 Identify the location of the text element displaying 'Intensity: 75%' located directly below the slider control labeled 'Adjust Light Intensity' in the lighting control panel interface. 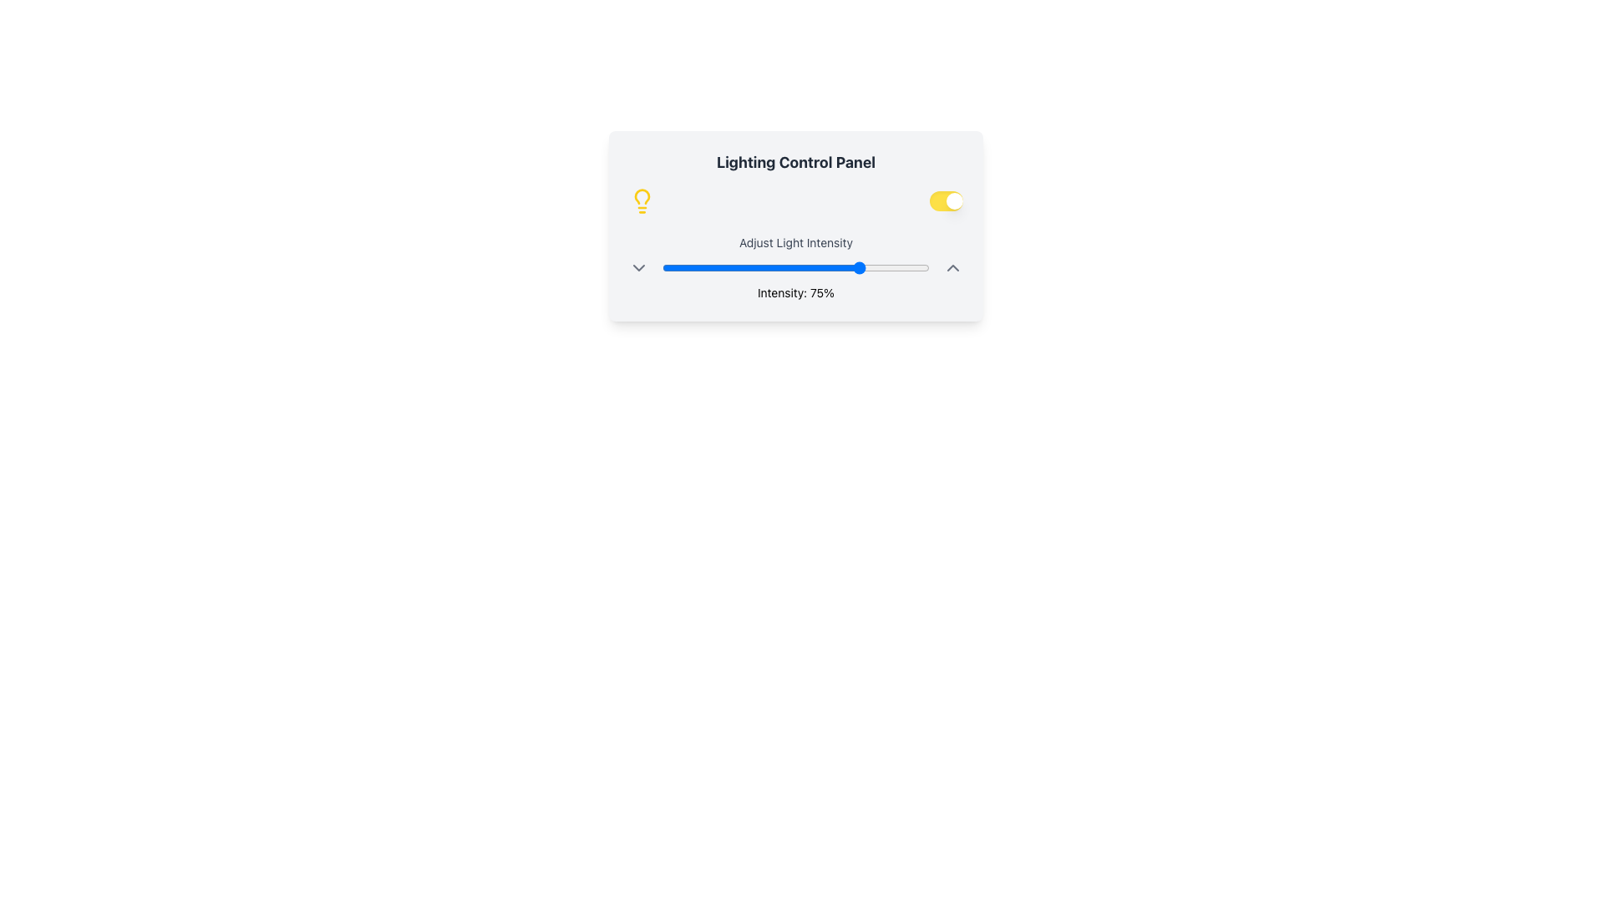
(795, 292).